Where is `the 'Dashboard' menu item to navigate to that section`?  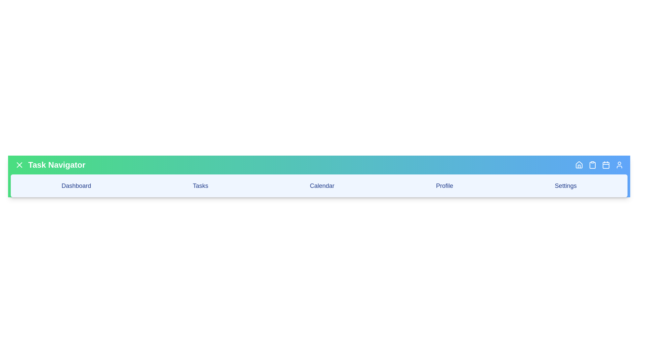 the 'Dashboard' menu item to navigate to that section is located at coordinates (76, 186).